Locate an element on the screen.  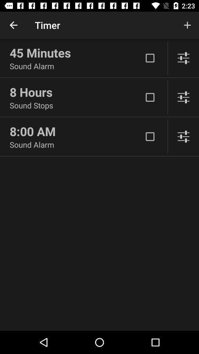
sound stops icon is located at coordinates (76, 105).